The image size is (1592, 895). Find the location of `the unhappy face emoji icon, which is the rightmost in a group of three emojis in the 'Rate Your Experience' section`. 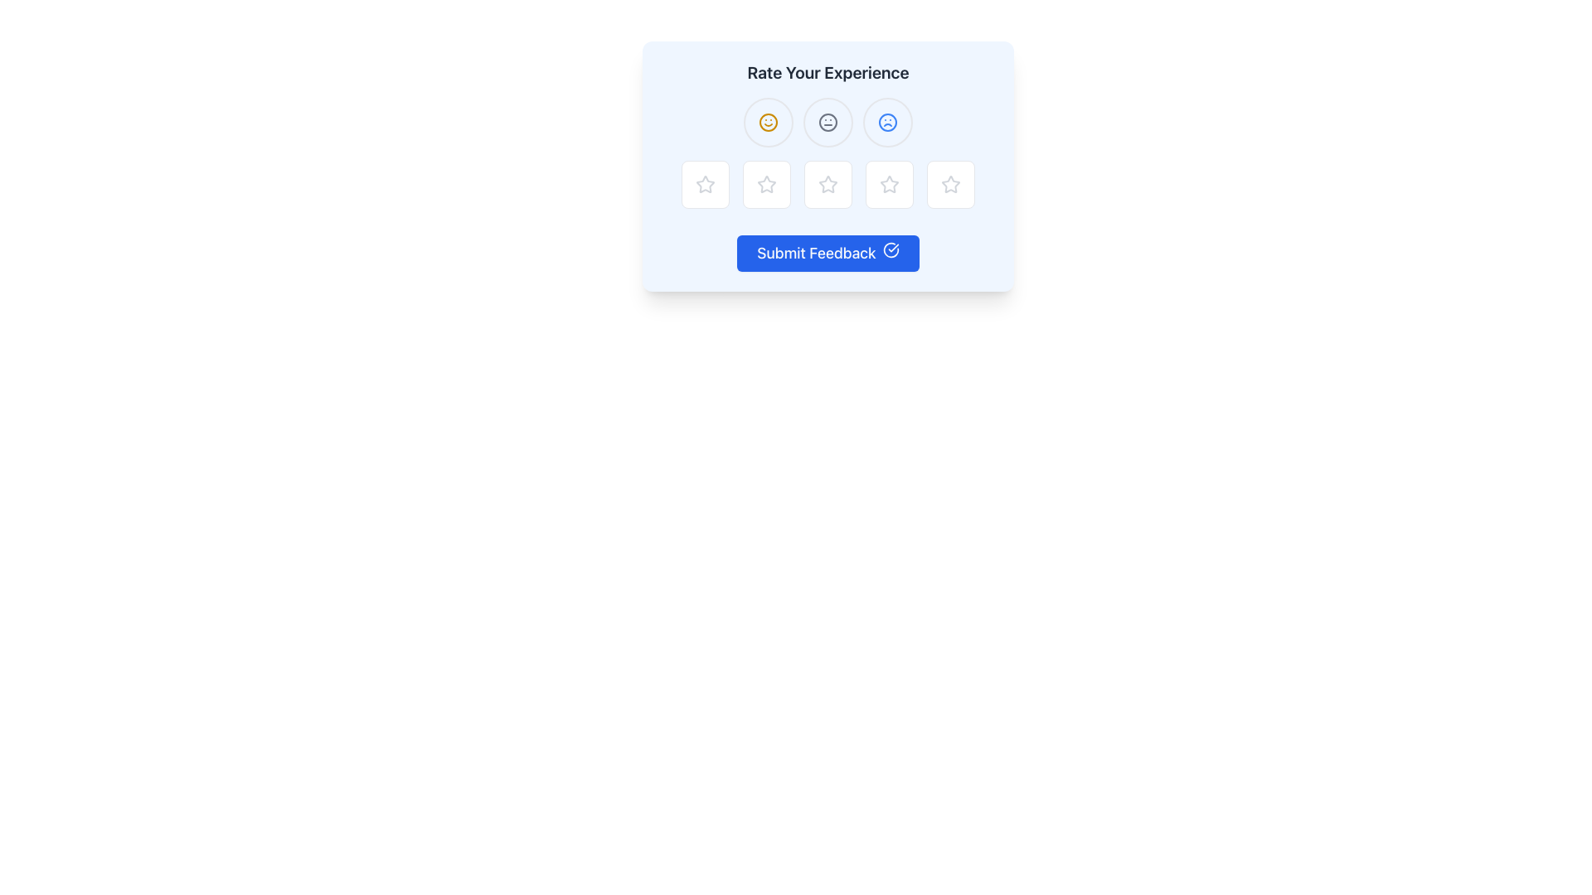

the unhappy face emoji icon, which is the rightmost in a group of three emojis in the 'Rate Your Experience' section is located at coordinates (886, 121).